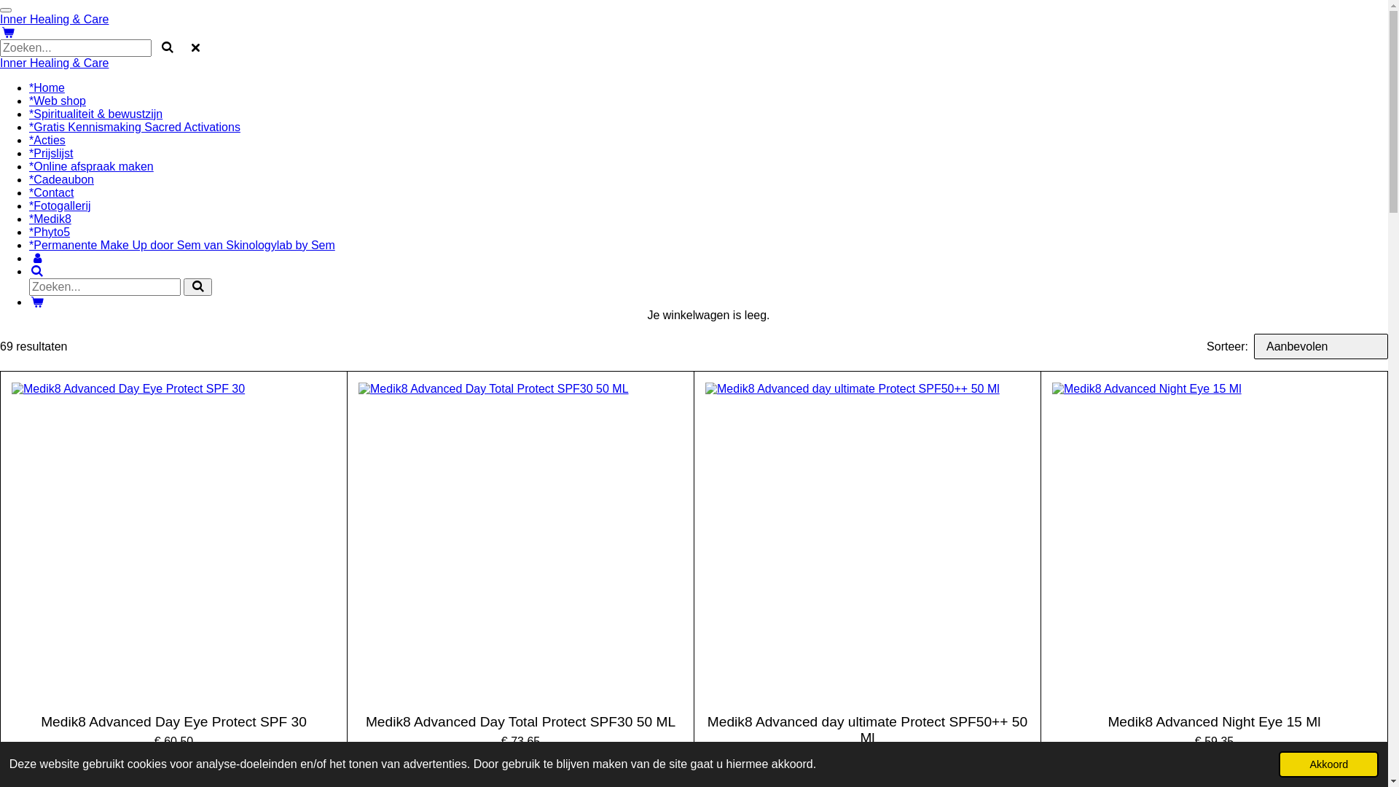 The width and height of the screenshot is (1399, 787). I want to click on 'Medik8 Advanced day ultimate Protect SPF50++ 50 Ml', so click(867, 730).